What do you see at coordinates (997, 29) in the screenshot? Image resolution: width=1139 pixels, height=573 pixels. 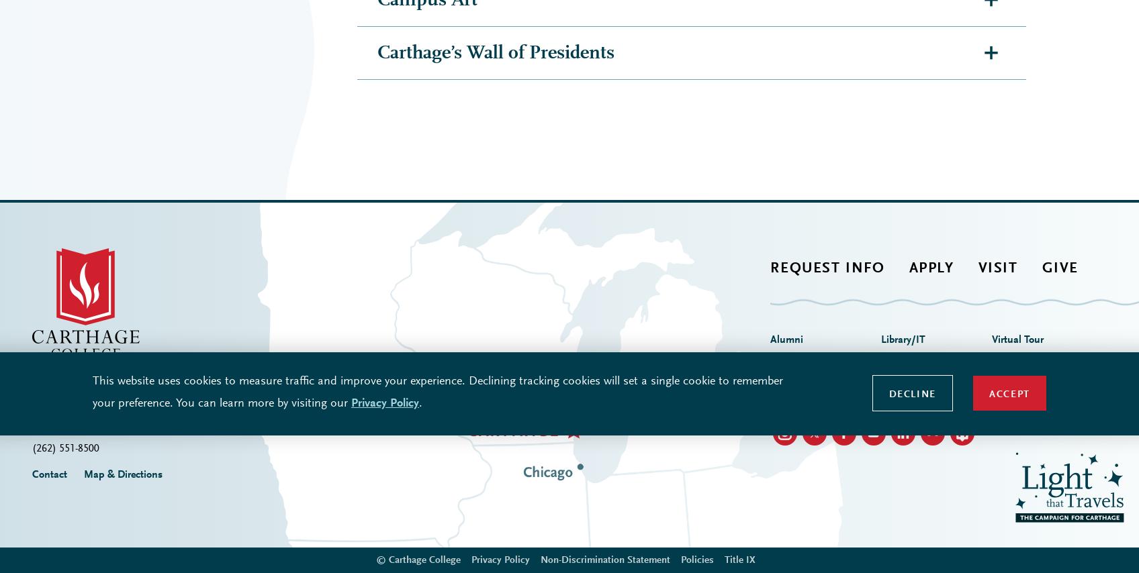 I see `'Visit'` at bounding box center [997, 29].